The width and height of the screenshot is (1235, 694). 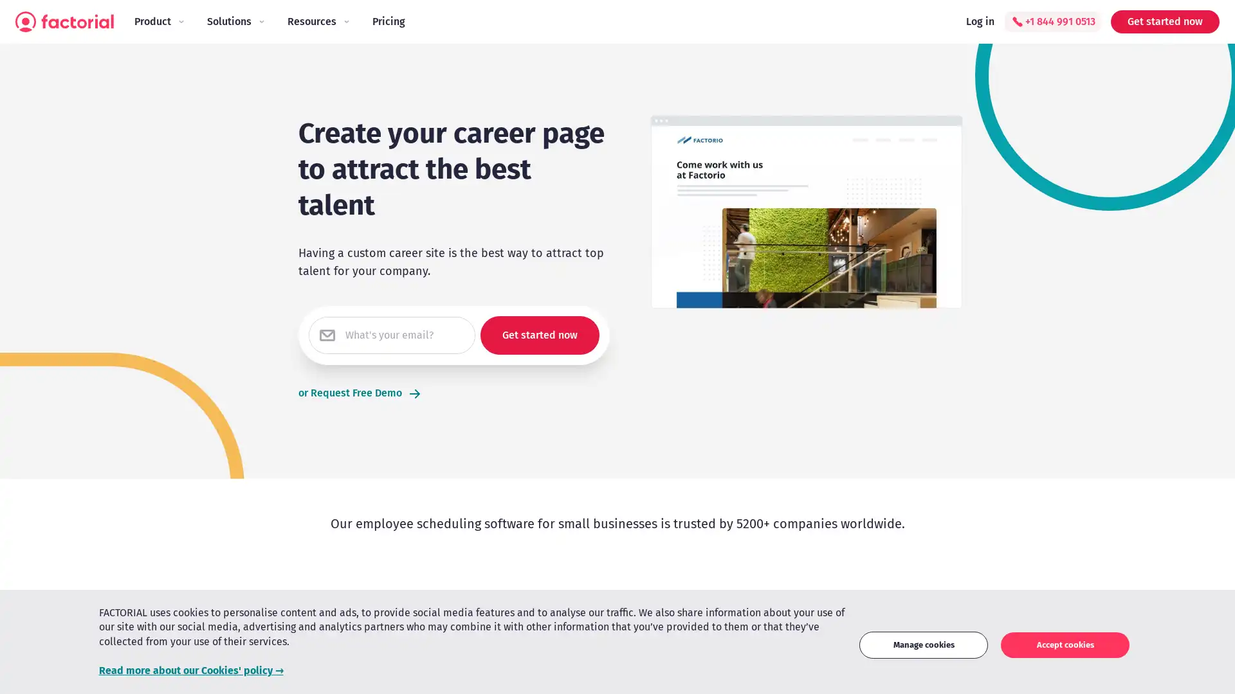 What do you see at coordinates (540, 334) in the screenshot?
I see `Get started now` at bounding box center [540, 334].